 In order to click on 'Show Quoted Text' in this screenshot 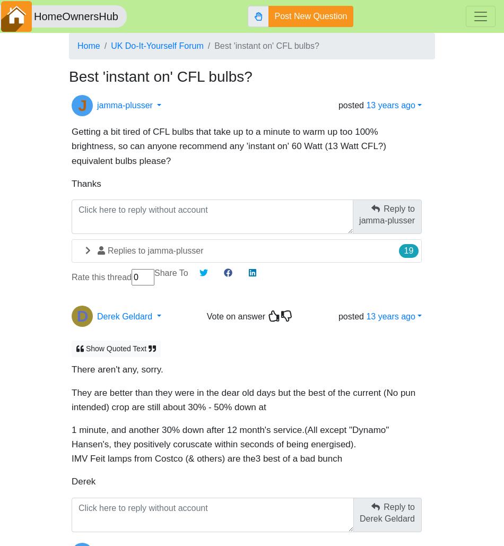, I will do `click(116, 343)`.